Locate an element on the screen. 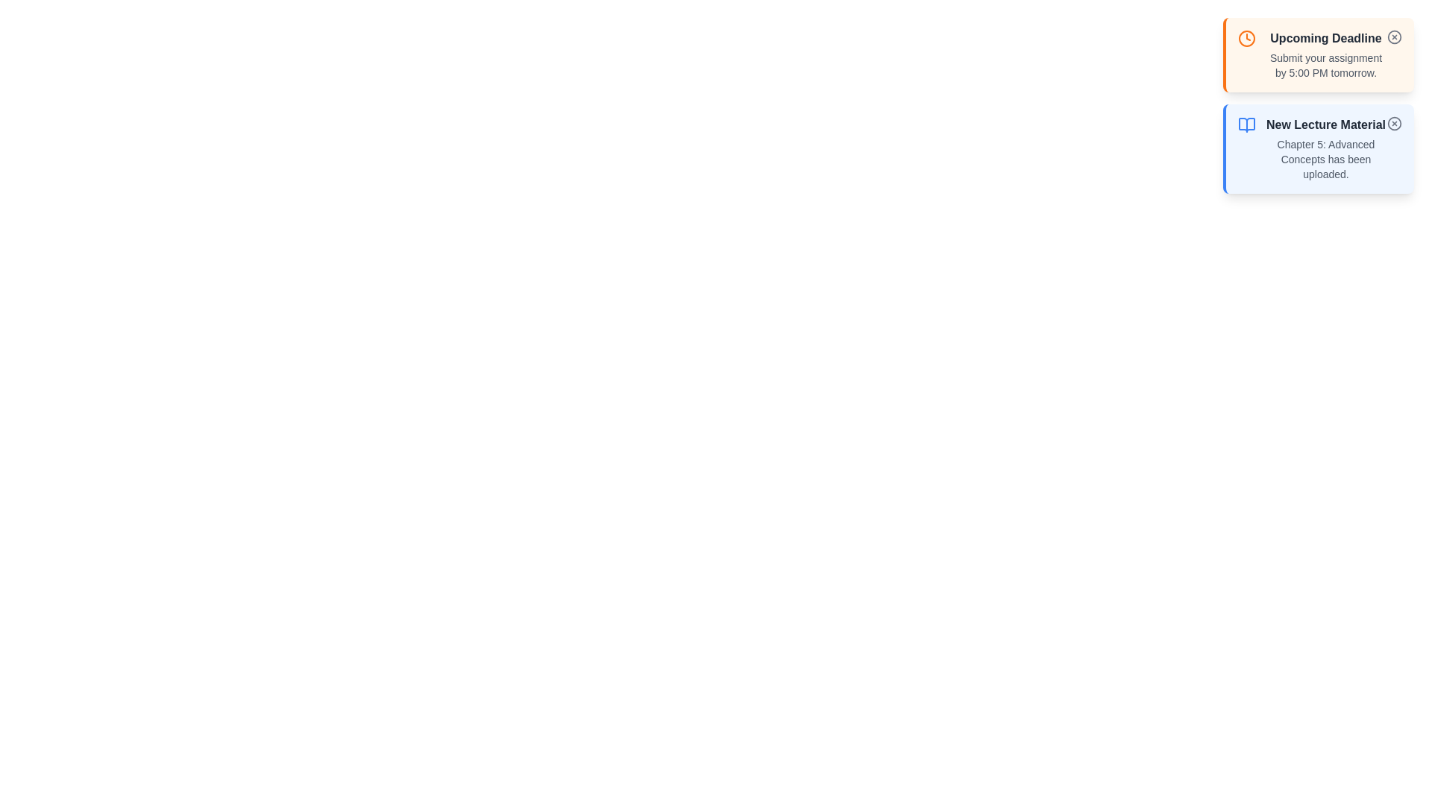 The image size is (1432, 805). close button of the notification to dismiss it is located at coordinates (1394, 37).